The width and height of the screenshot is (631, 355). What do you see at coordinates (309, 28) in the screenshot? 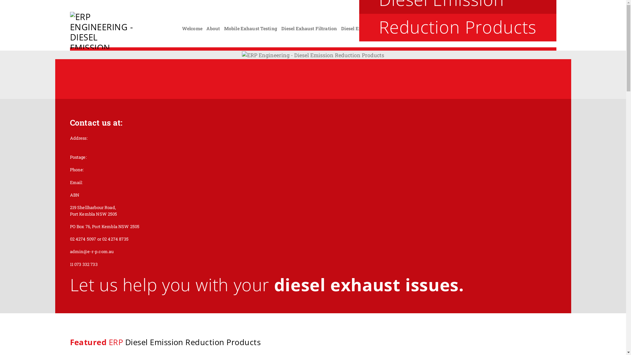
I see `'Diesel Exhaust Filtration'` at bounding box center [309, 28].